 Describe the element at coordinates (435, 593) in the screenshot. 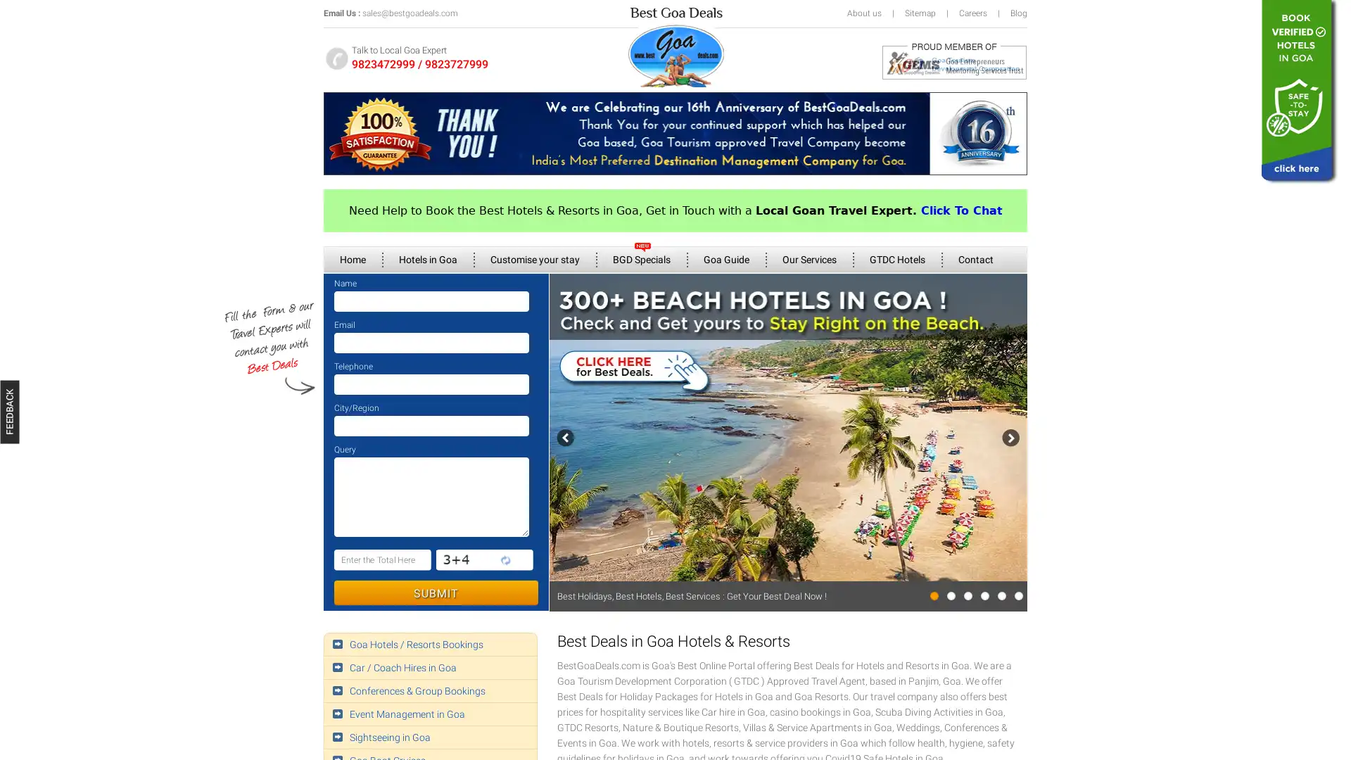

I see `SUBMIT` at that location.